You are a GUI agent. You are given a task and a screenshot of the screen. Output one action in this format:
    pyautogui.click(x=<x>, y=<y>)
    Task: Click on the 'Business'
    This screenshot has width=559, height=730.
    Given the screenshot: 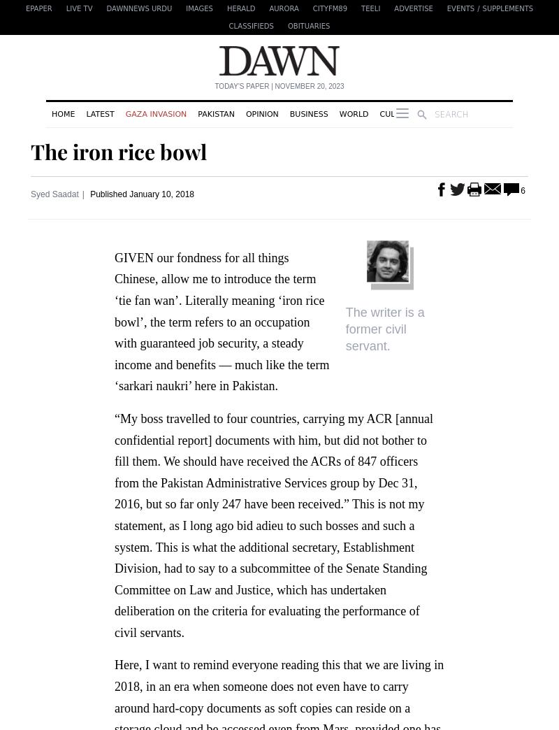 What is the action you would take?
    pyautogui.click(x=307, y=113)
    